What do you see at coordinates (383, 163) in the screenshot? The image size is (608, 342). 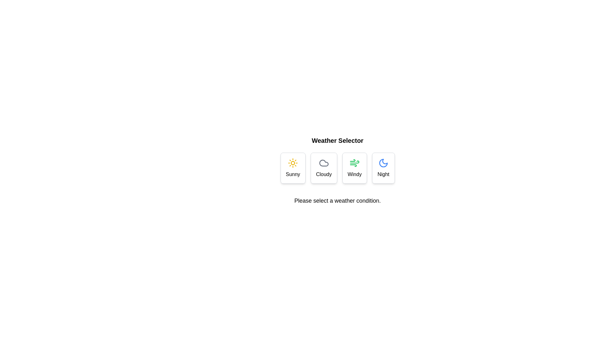 I see `the 'Night' weather condition icon, which is the fourth icon in the weather selection interface under the 'Weather Selector' heading` at bounding box center [383, 163].